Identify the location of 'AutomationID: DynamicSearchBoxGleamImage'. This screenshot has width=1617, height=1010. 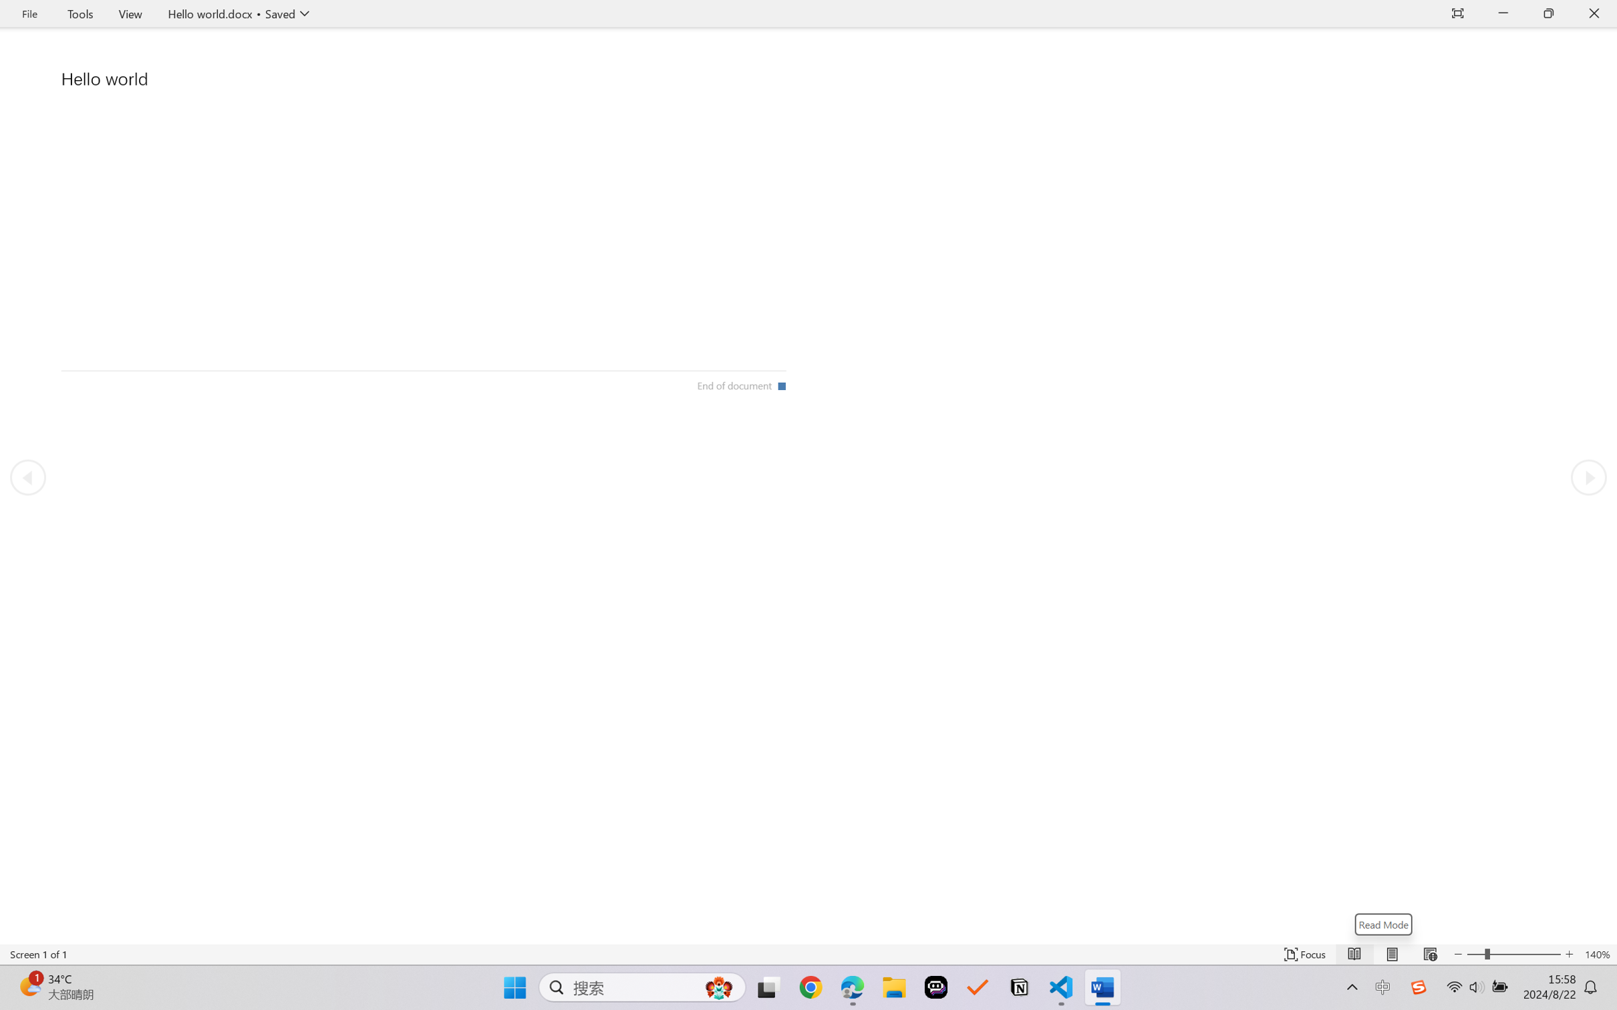
(719, 987).